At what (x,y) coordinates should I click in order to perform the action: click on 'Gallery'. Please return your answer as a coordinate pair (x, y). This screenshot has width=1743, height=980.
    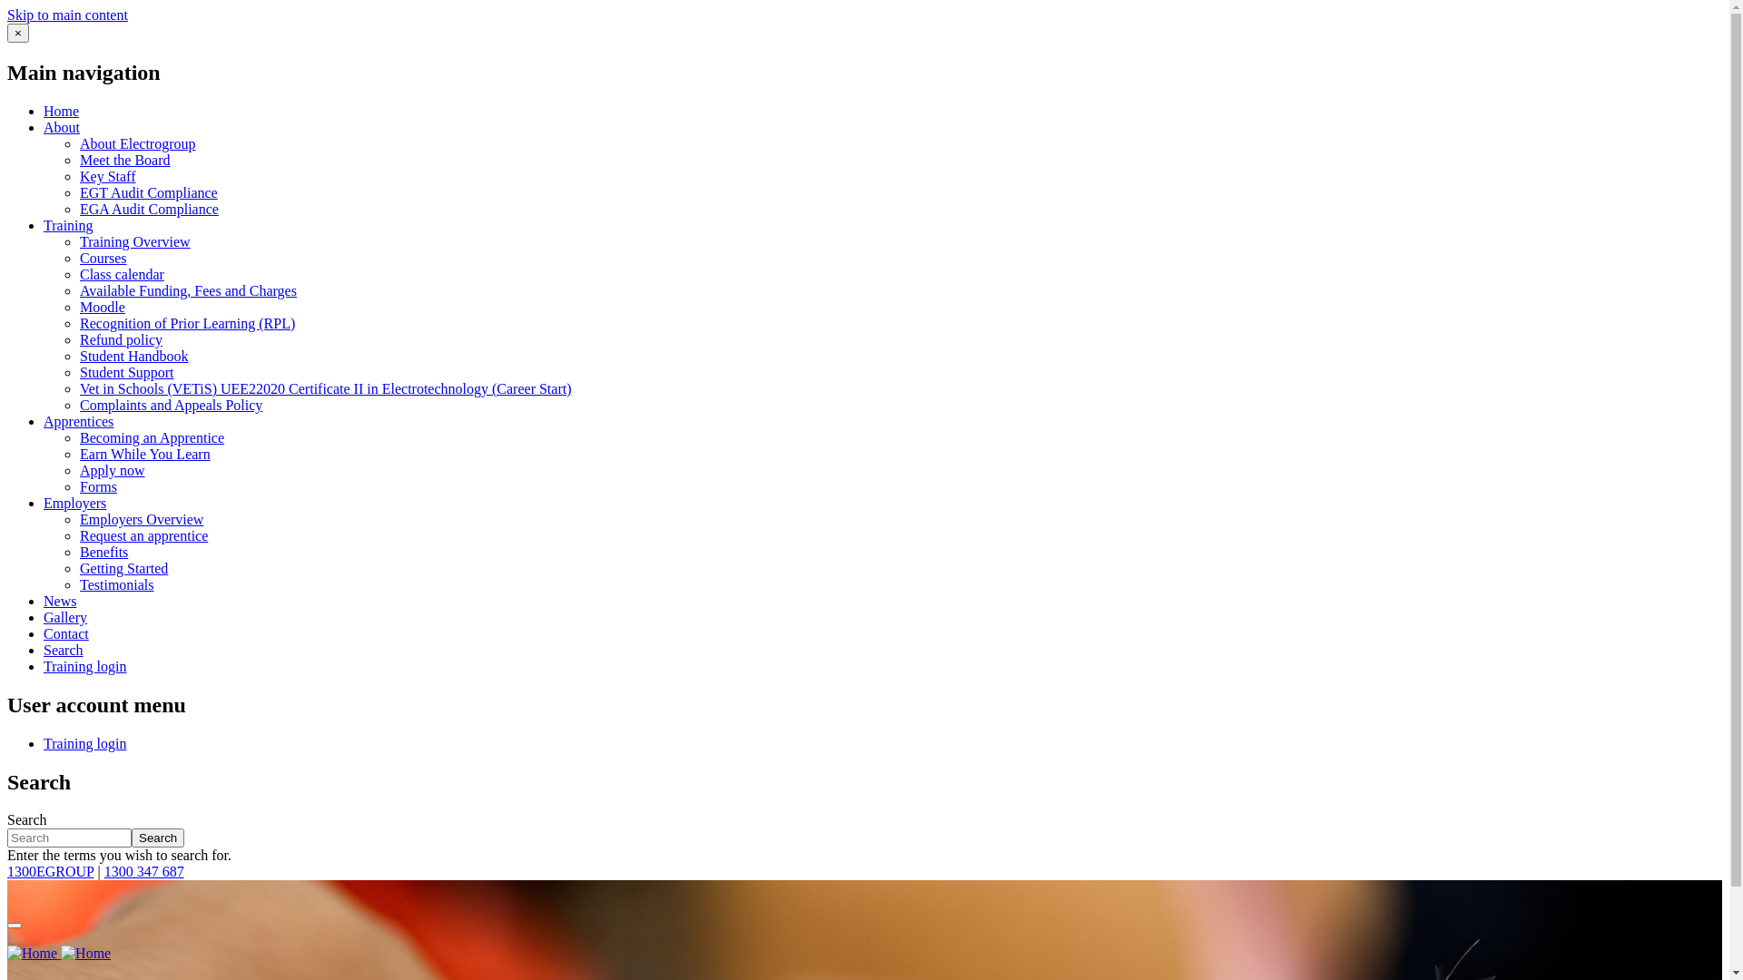
    Looking at the image, I should click on (65, 616).